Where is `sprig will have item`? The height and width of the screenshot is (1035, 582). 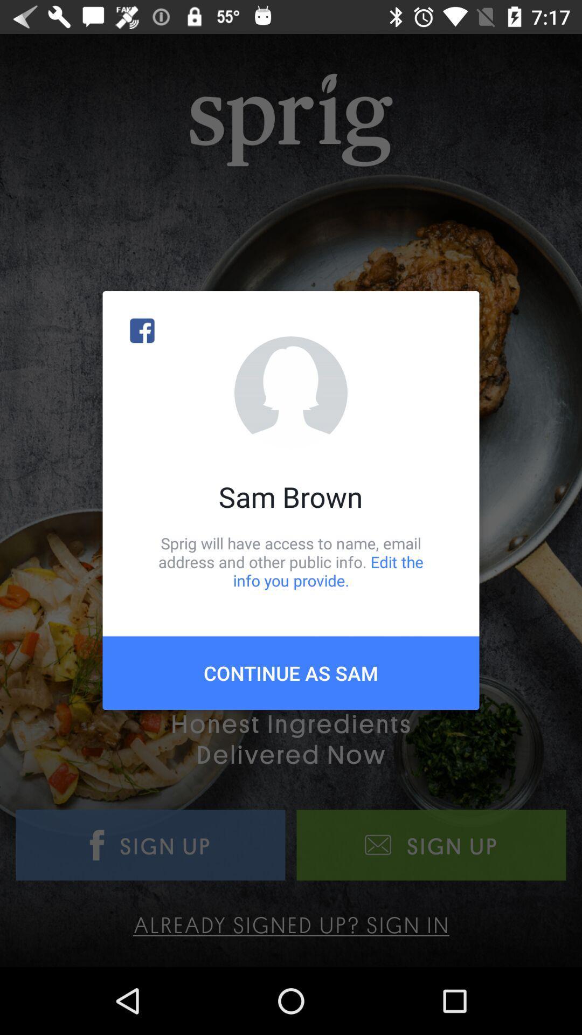
sprig will have item is located at coordinates (291, 561).